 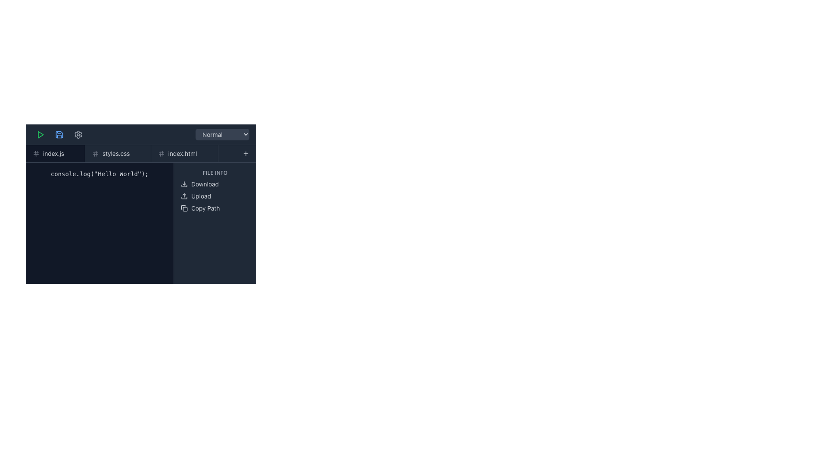 What do you see at coordinates (182, 153) in the screenshot?
I see `the text label displaying the file name 'index.html' in the navigation bar, which is the third text label in a row of file tabs adjacent to 'index.js' and 'styles.css'` at bounding box center [182, 153].